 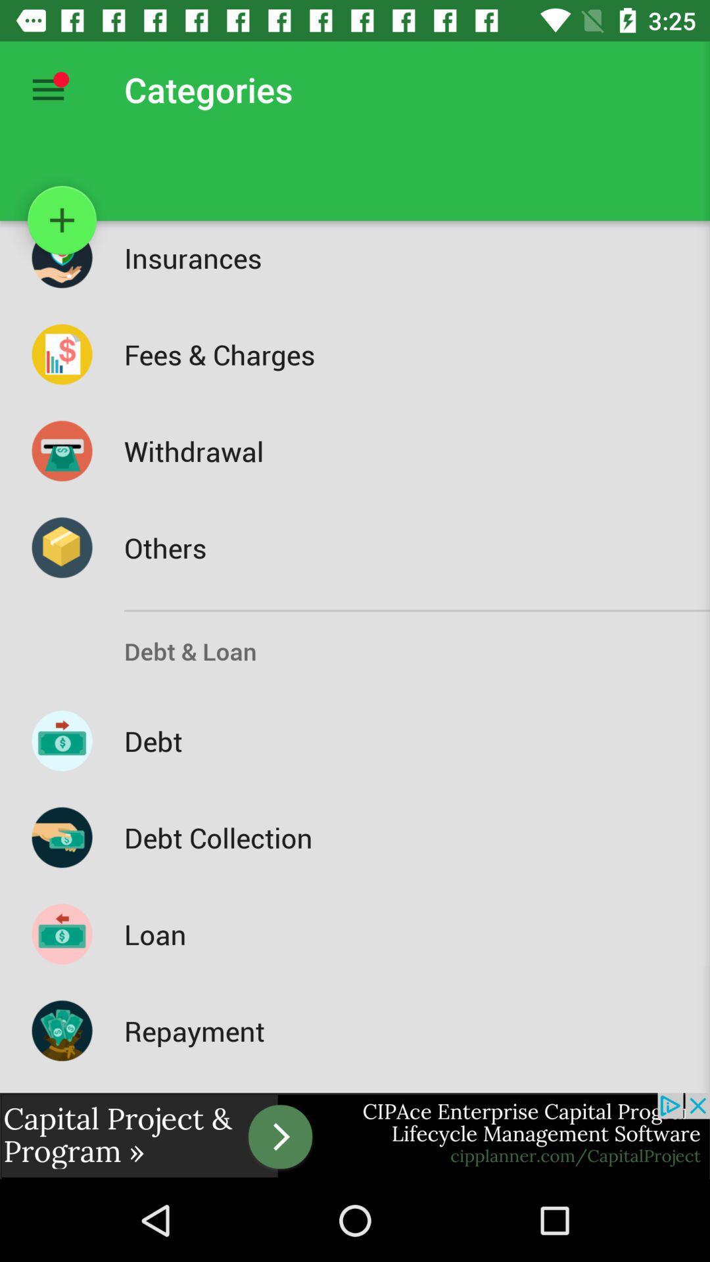 I want to click on advertisement, so click(x=355, y=1135).